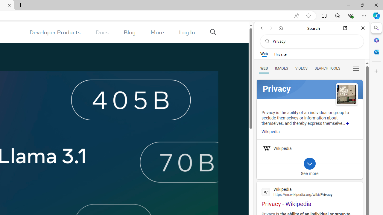 This screenshot has height=215, width=383. What do you see at coordinates (327, 68) in the screenshot?
I see `'SEARCH TOOLS'` at bounding box center [327, 68].